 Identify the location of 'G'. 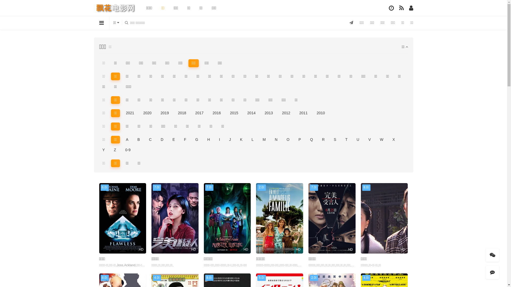
(196, 139).